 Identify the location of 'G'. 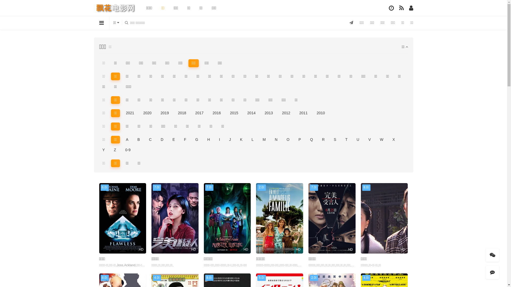
(196, 139).